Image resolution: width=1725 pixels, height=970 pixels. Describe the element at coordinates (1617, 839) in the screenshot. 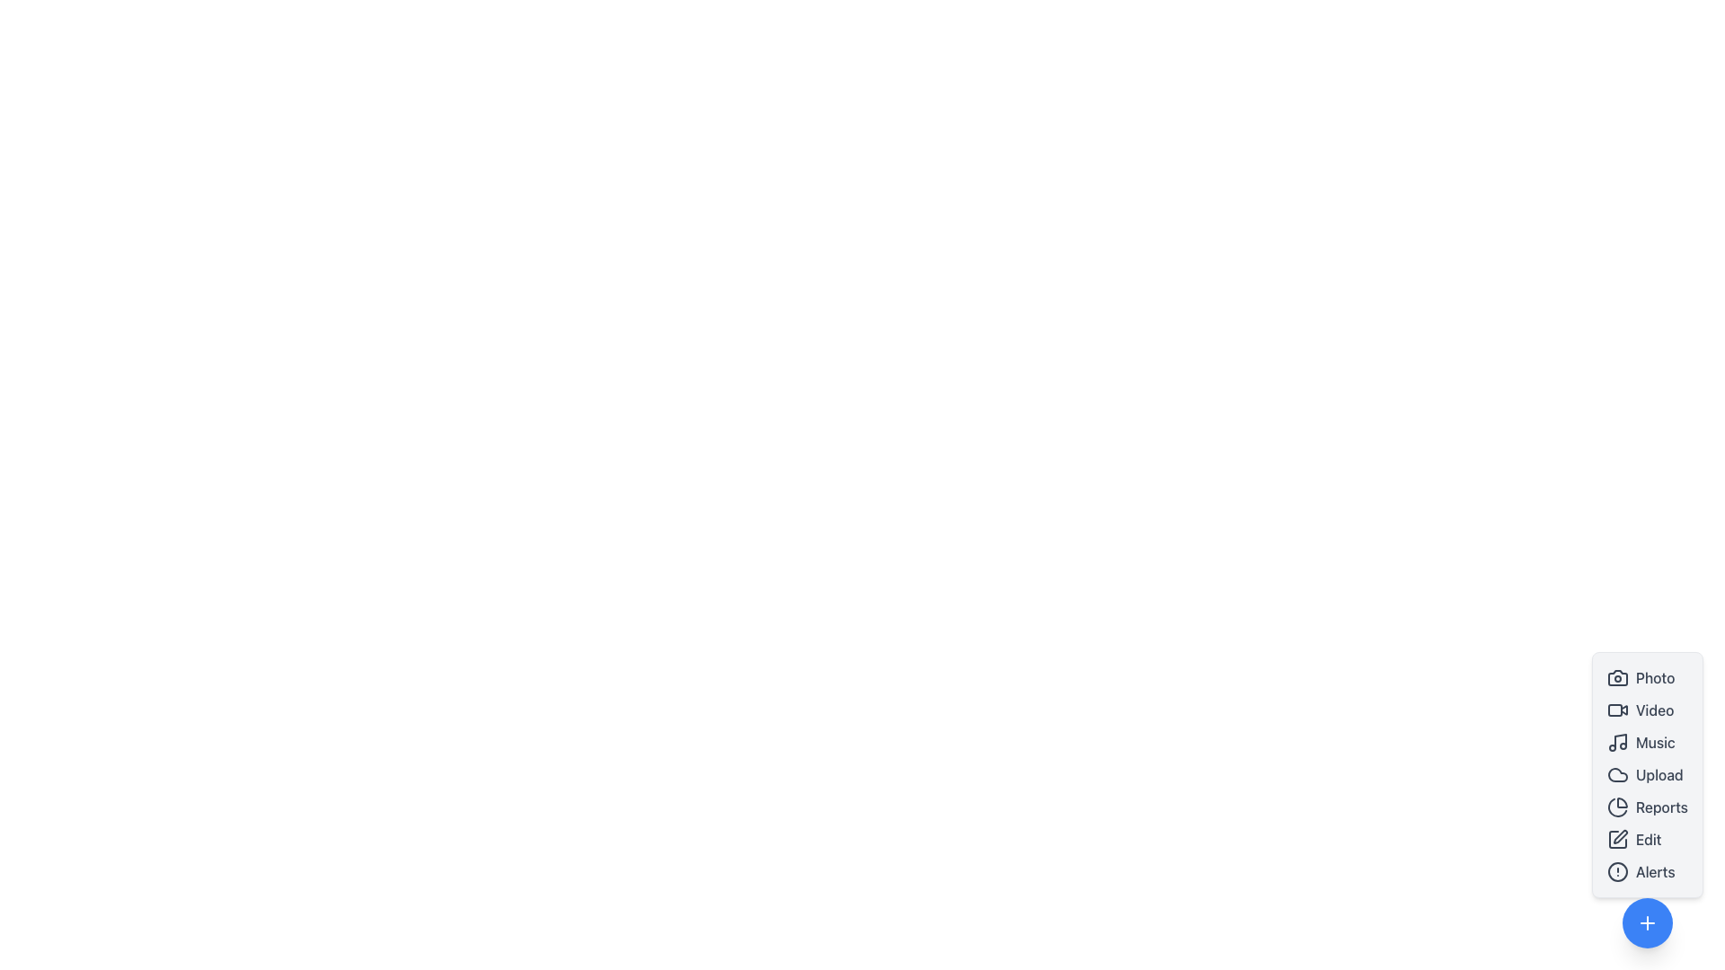

I see `the 'Edit' button represented by the outlined square icon located within the vertical menu on the right-hand side of the interface` at that location.